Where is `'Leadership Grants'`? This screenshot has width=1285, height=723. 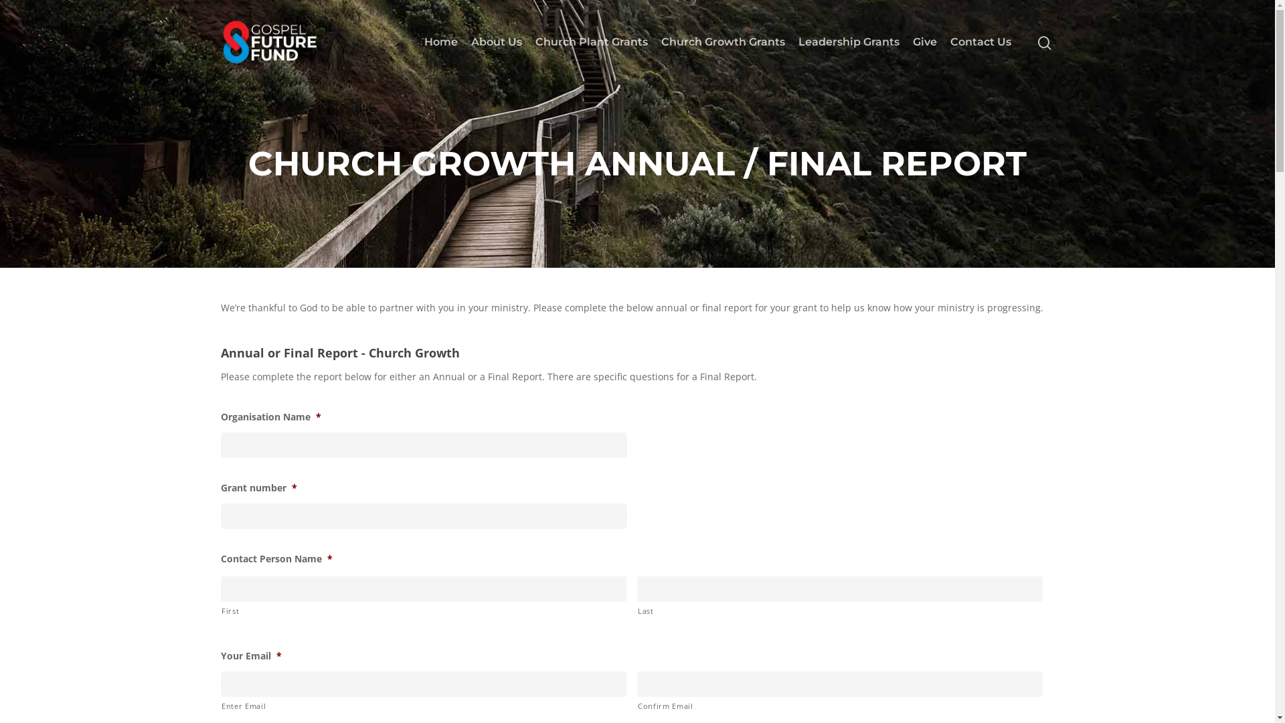 'Leadership Grants' is located at coordinates (848, 41).